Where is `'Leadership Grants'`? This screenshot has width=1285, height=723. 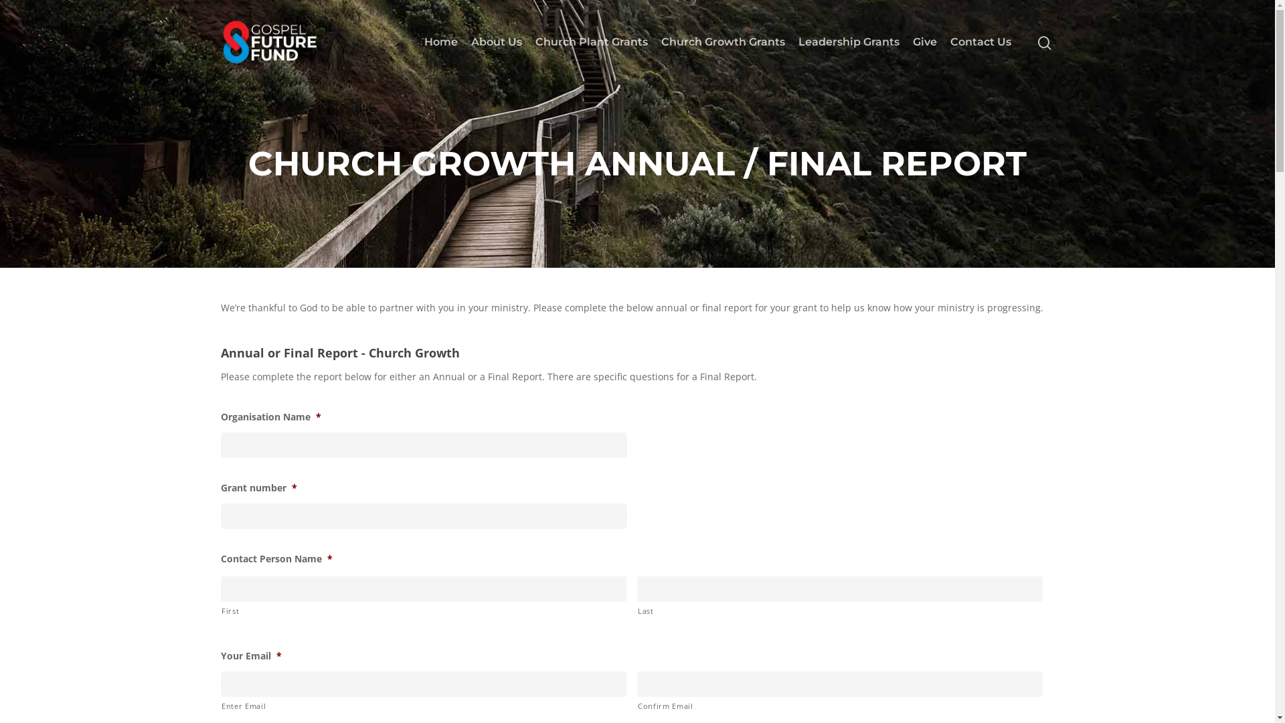 'Leadership Grants' is located at coordinates (848, 41).